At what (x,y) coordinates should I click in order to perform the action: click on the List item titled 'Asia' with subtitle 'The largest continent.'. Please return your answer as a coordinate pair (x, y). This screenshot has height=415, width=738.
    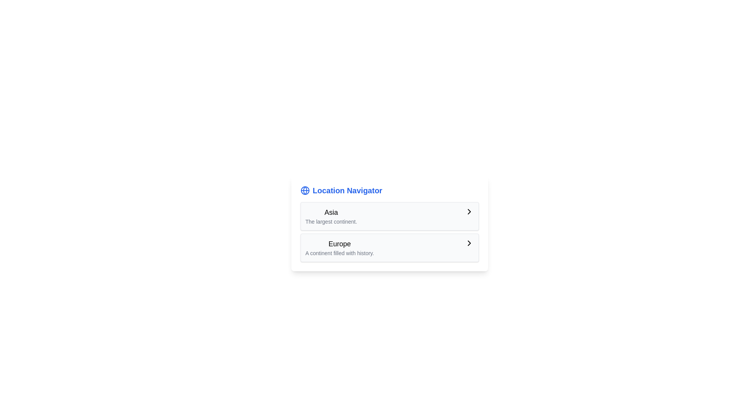
    Looking at the image, I should click on (389, 216).